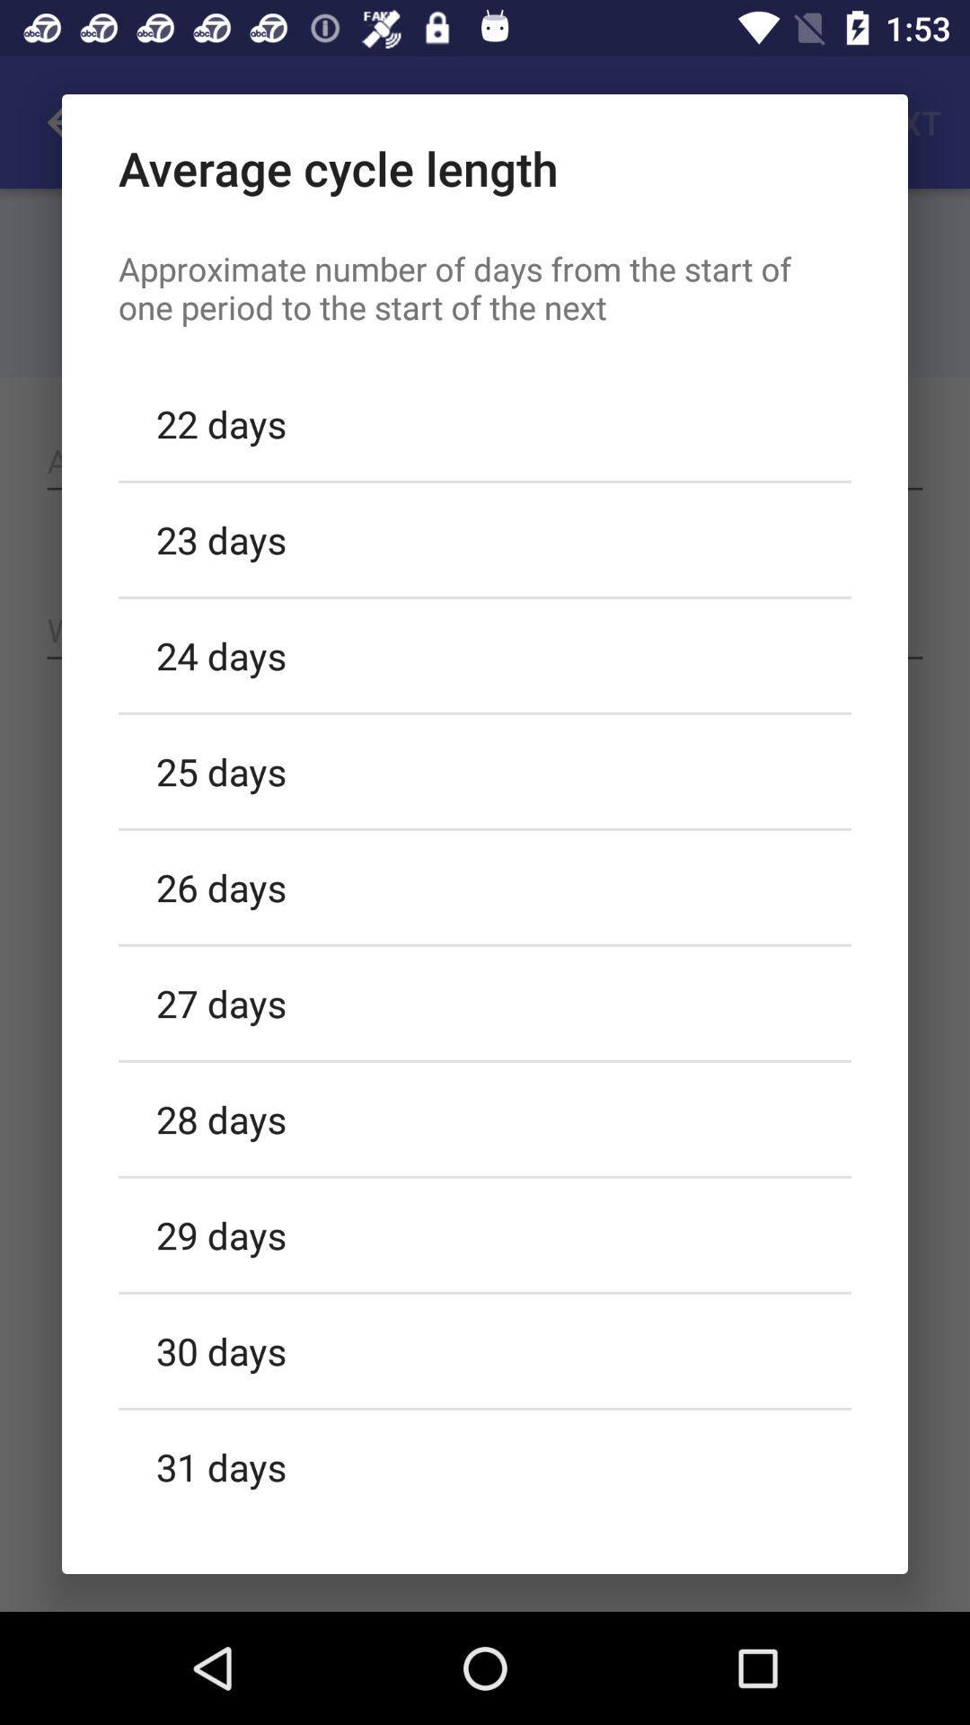 The height and width of the screenshot is (1725, 970). What do you see at coordinates (485, 1234) in the screenshot?
I see `the 29 days item` at bounding box center [485, 1234].